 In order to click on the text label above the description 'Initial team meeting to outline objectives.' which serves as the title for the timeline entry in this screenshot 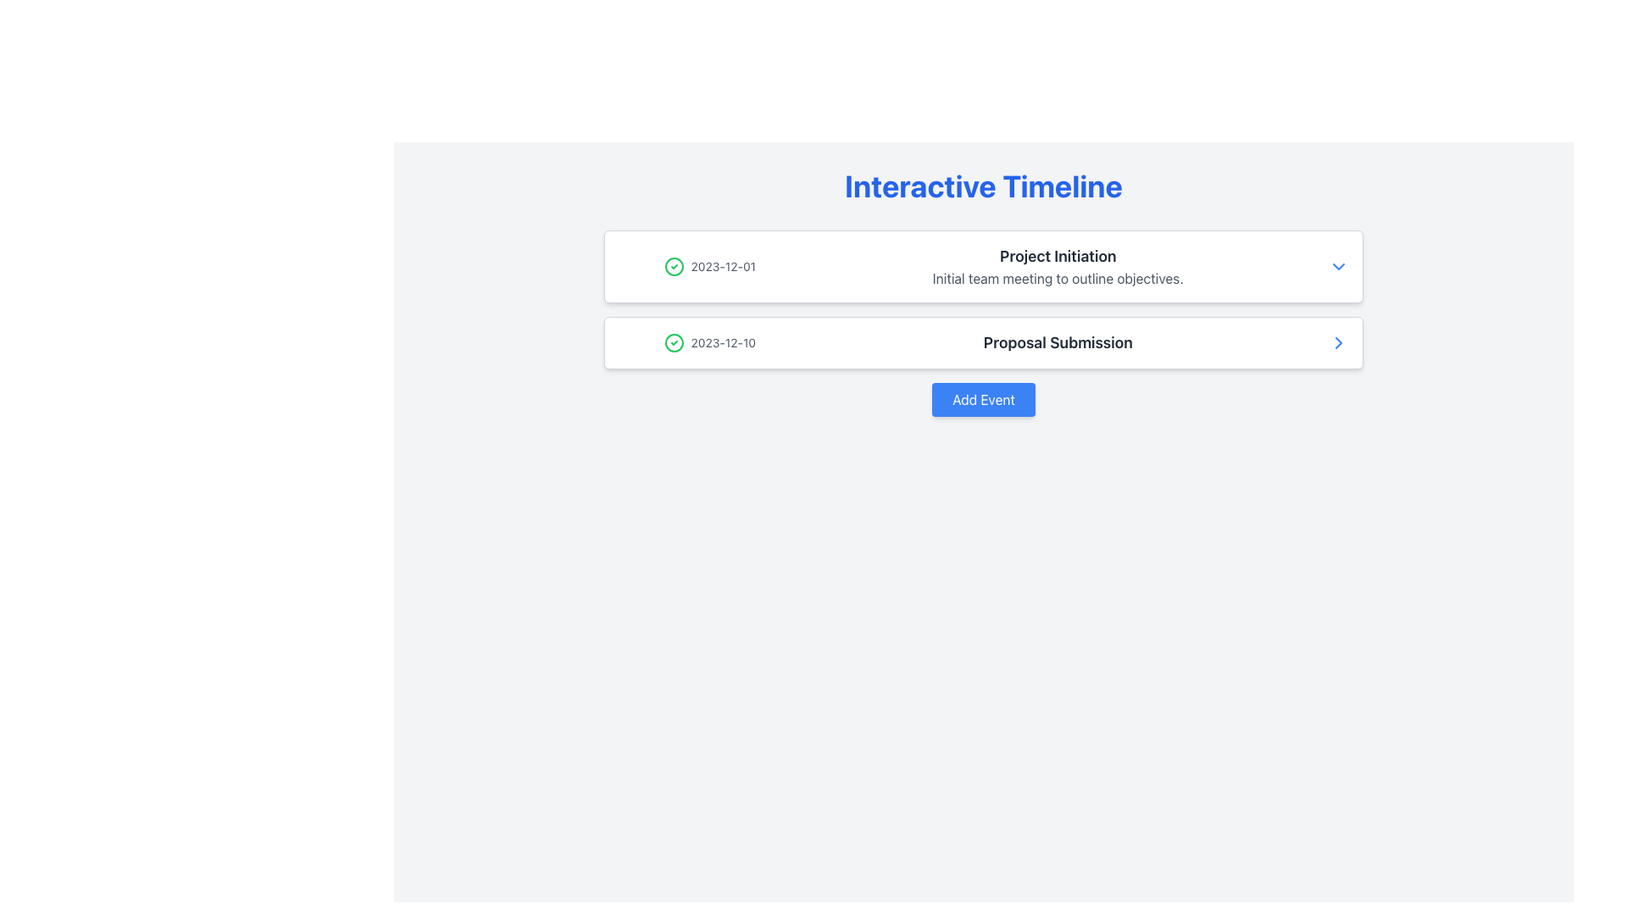, I will do `click(1057, 257)`.